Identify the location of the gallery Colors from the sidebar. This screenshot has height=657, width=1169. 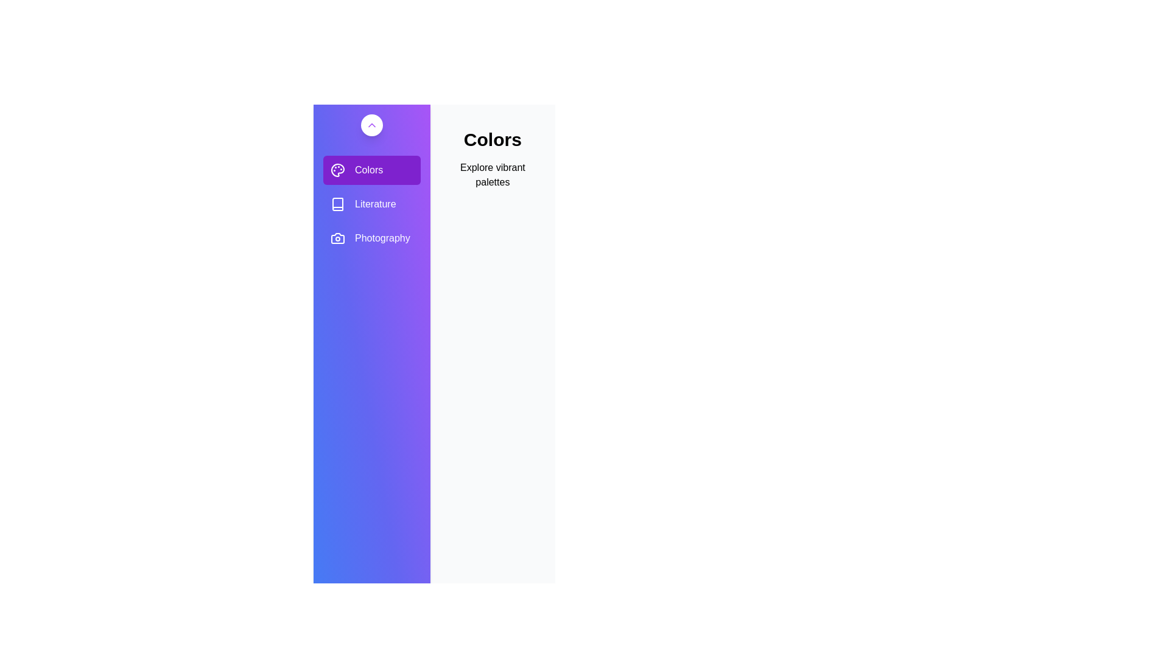
(371, 170).